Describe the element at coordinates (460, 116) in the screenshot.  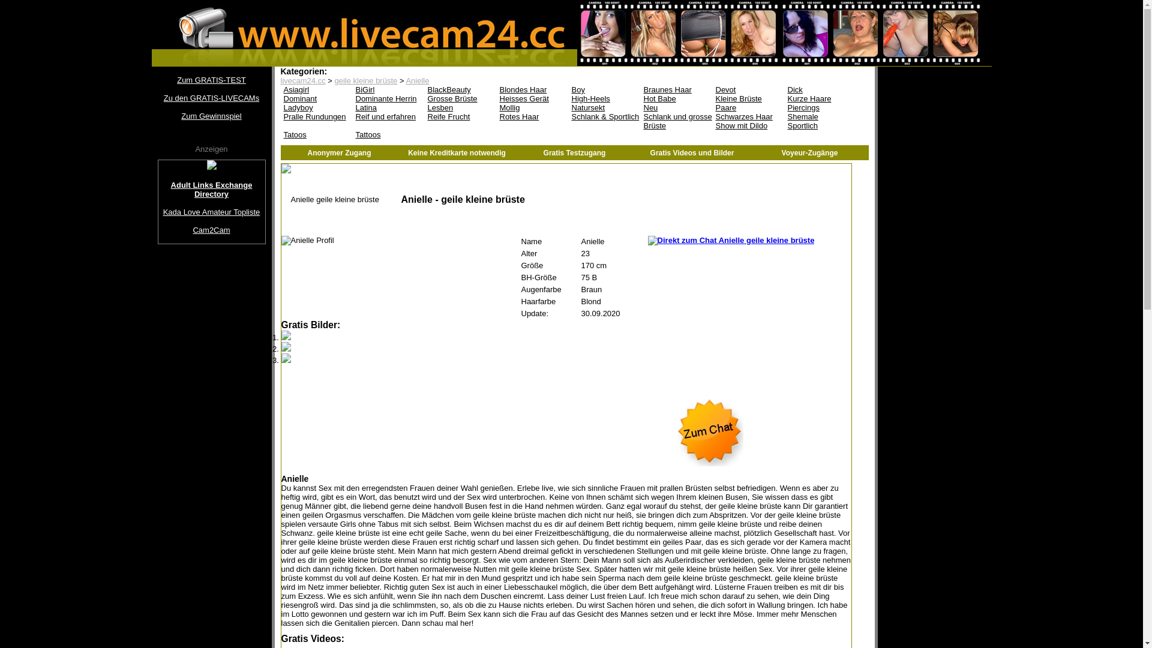
I see `'Reife Frucht'` at that location.